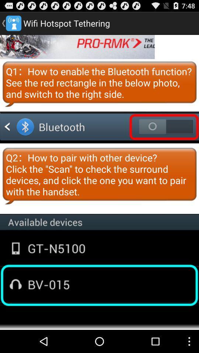 This screenshot has height=353, width=199. I want to click on advertisement for pro rmk, so click(77, 46).